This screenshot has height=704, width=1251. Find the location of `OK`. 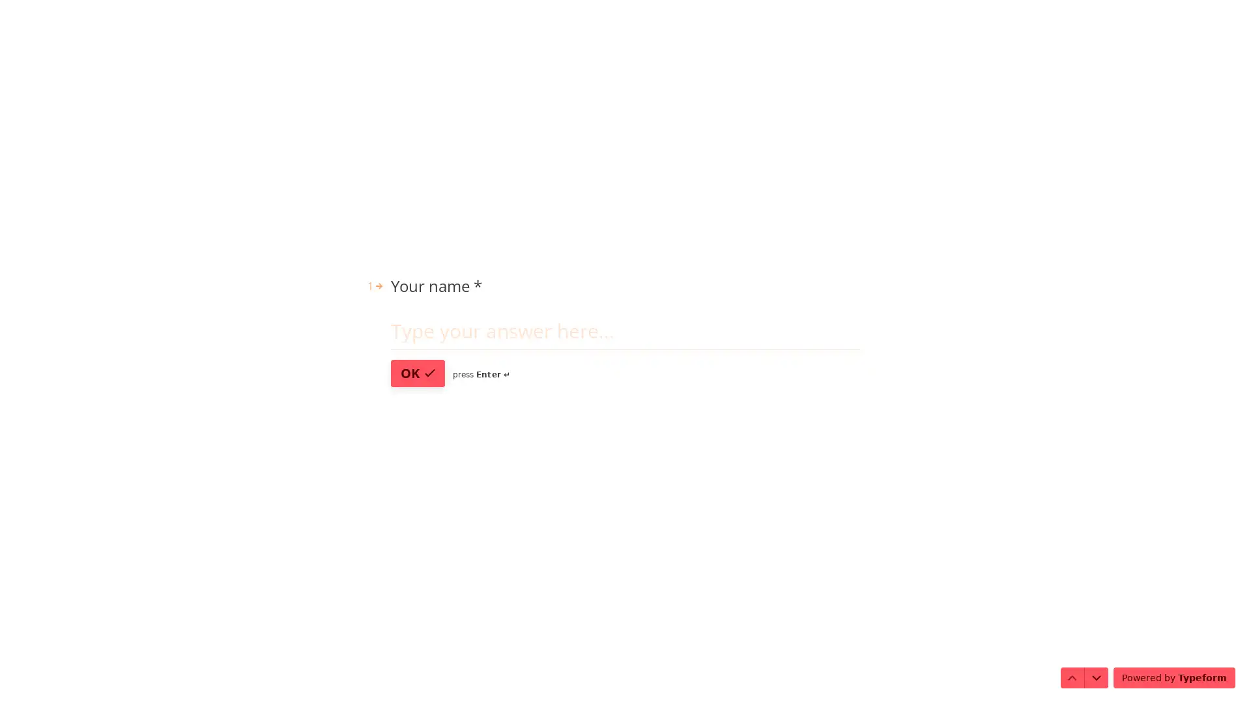

OK is located at coordinates (418, 372).